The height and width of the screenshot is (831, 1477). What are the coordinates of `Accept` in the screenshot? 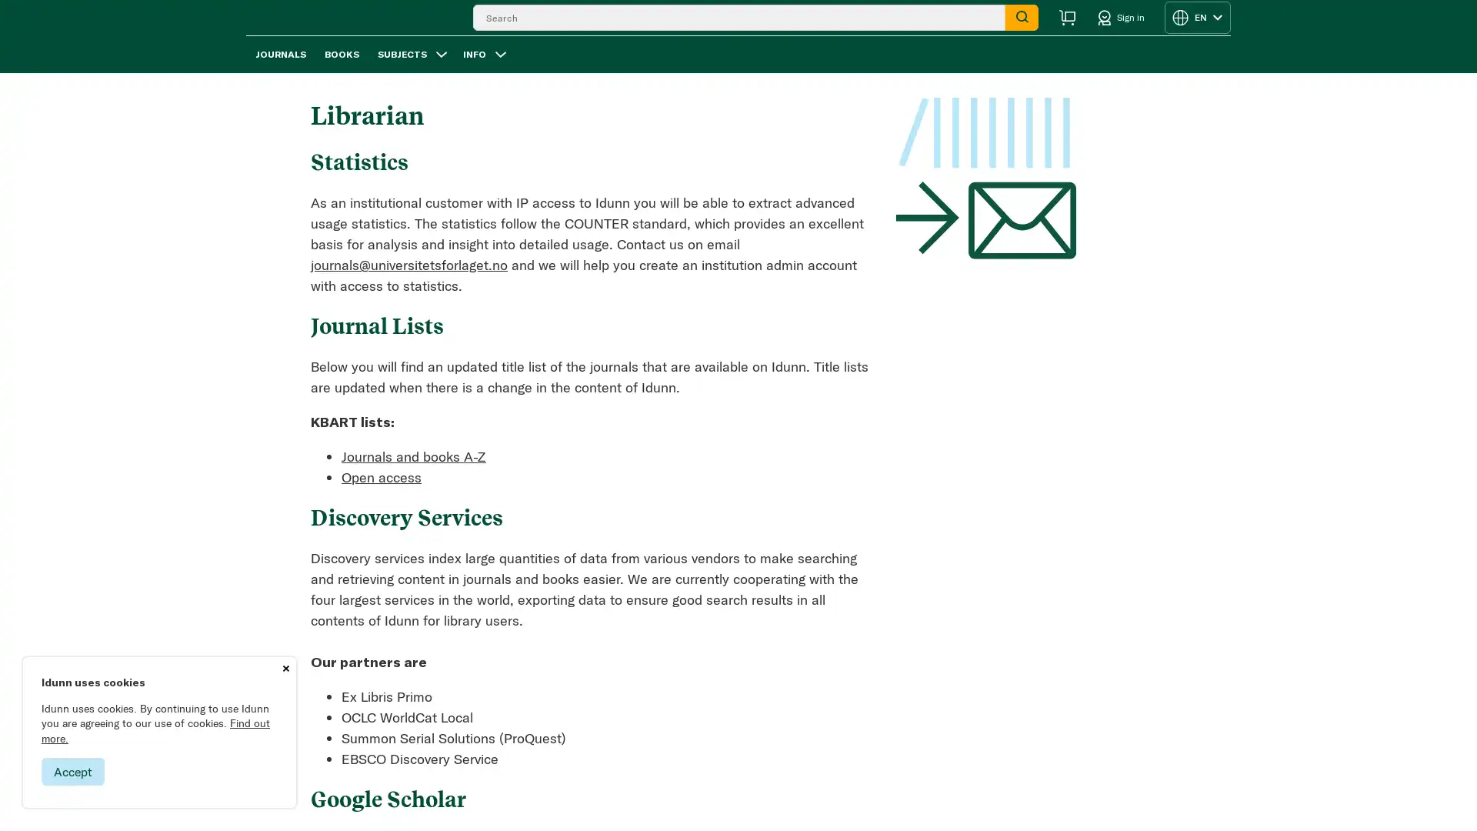 It's located at (72, 771).